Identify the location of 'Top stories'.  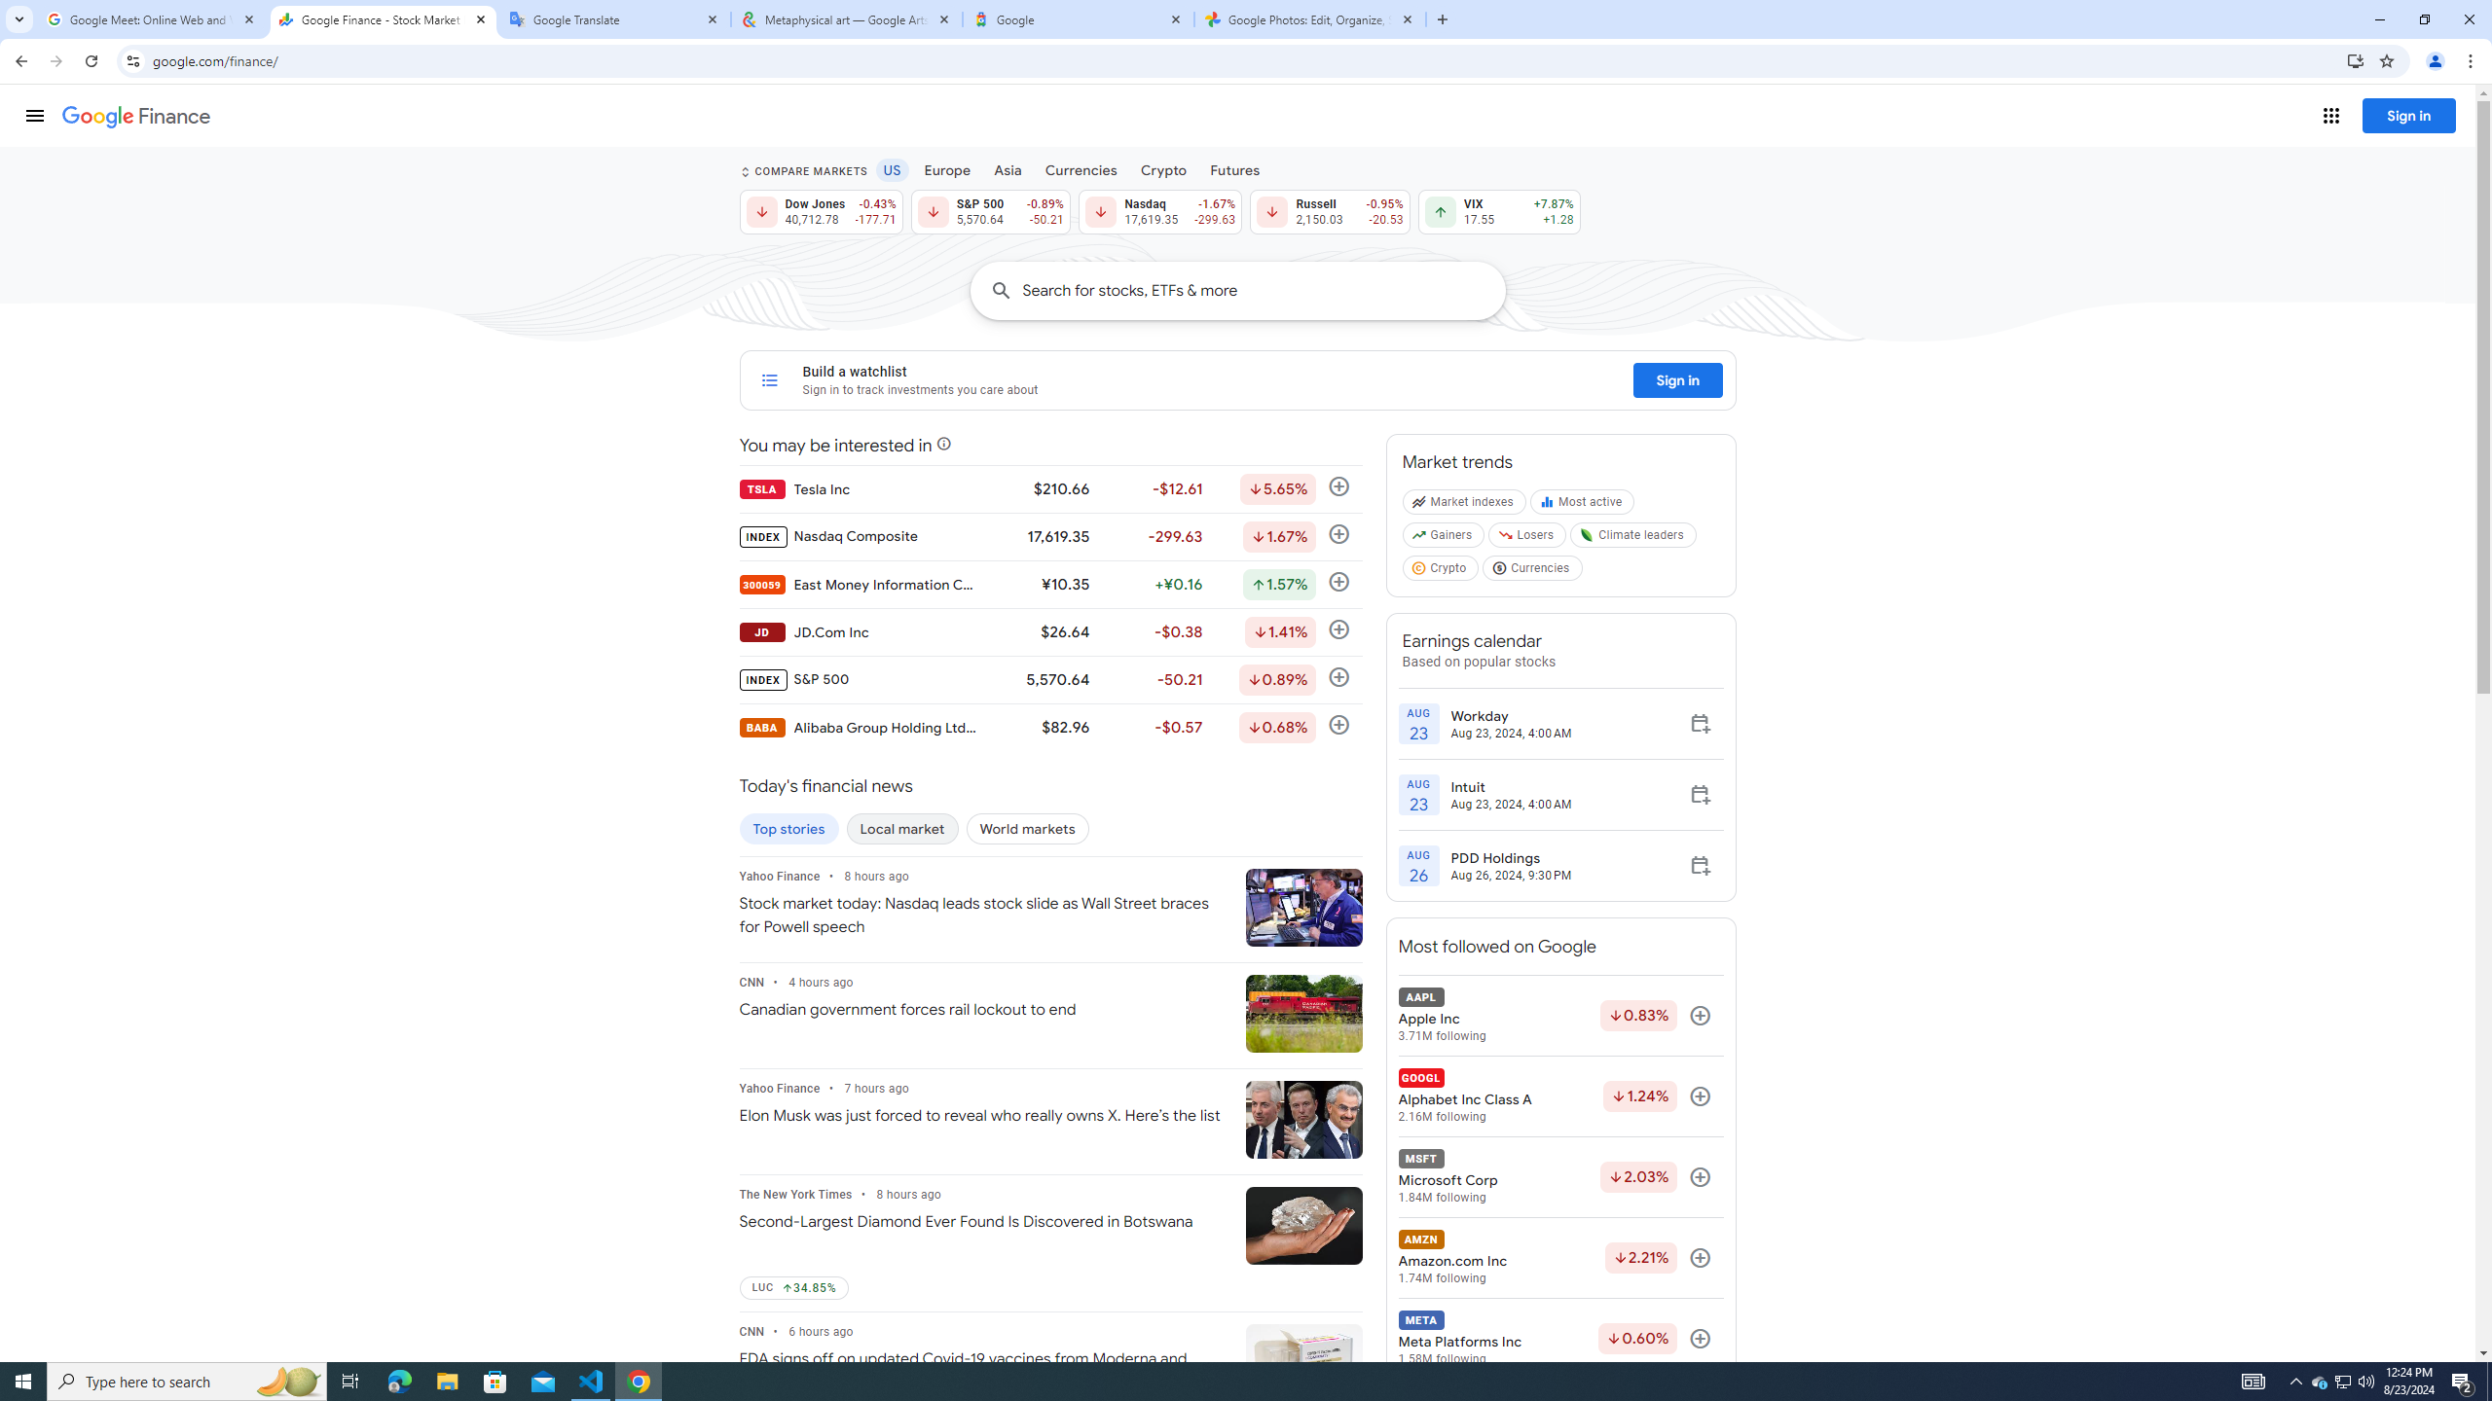
(788, 828).